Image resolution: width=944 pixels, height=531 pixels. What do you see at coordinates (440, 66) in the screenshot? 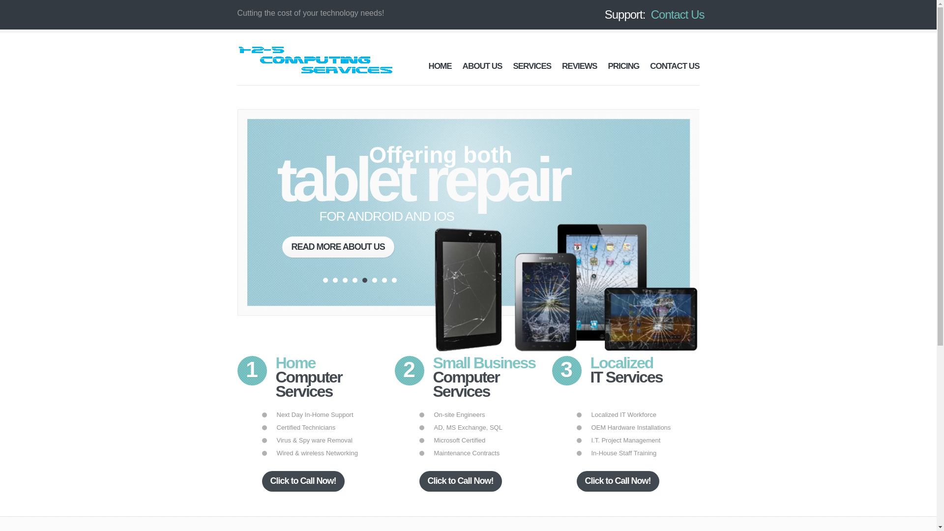
I see `'HOME'` at bounding box center [440, 66].